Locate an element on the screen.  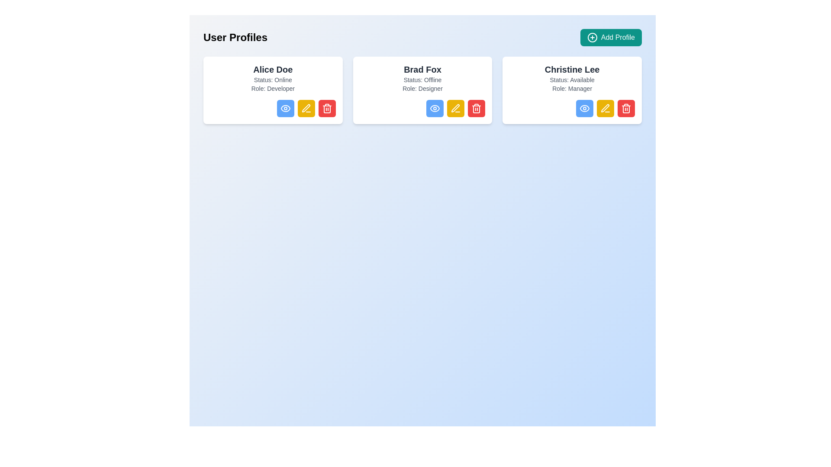
text content of the label displaying 'Role: Designer' located below 'Status: Offline' in Brad Fox's profile card is located at coordinates (422, 88).